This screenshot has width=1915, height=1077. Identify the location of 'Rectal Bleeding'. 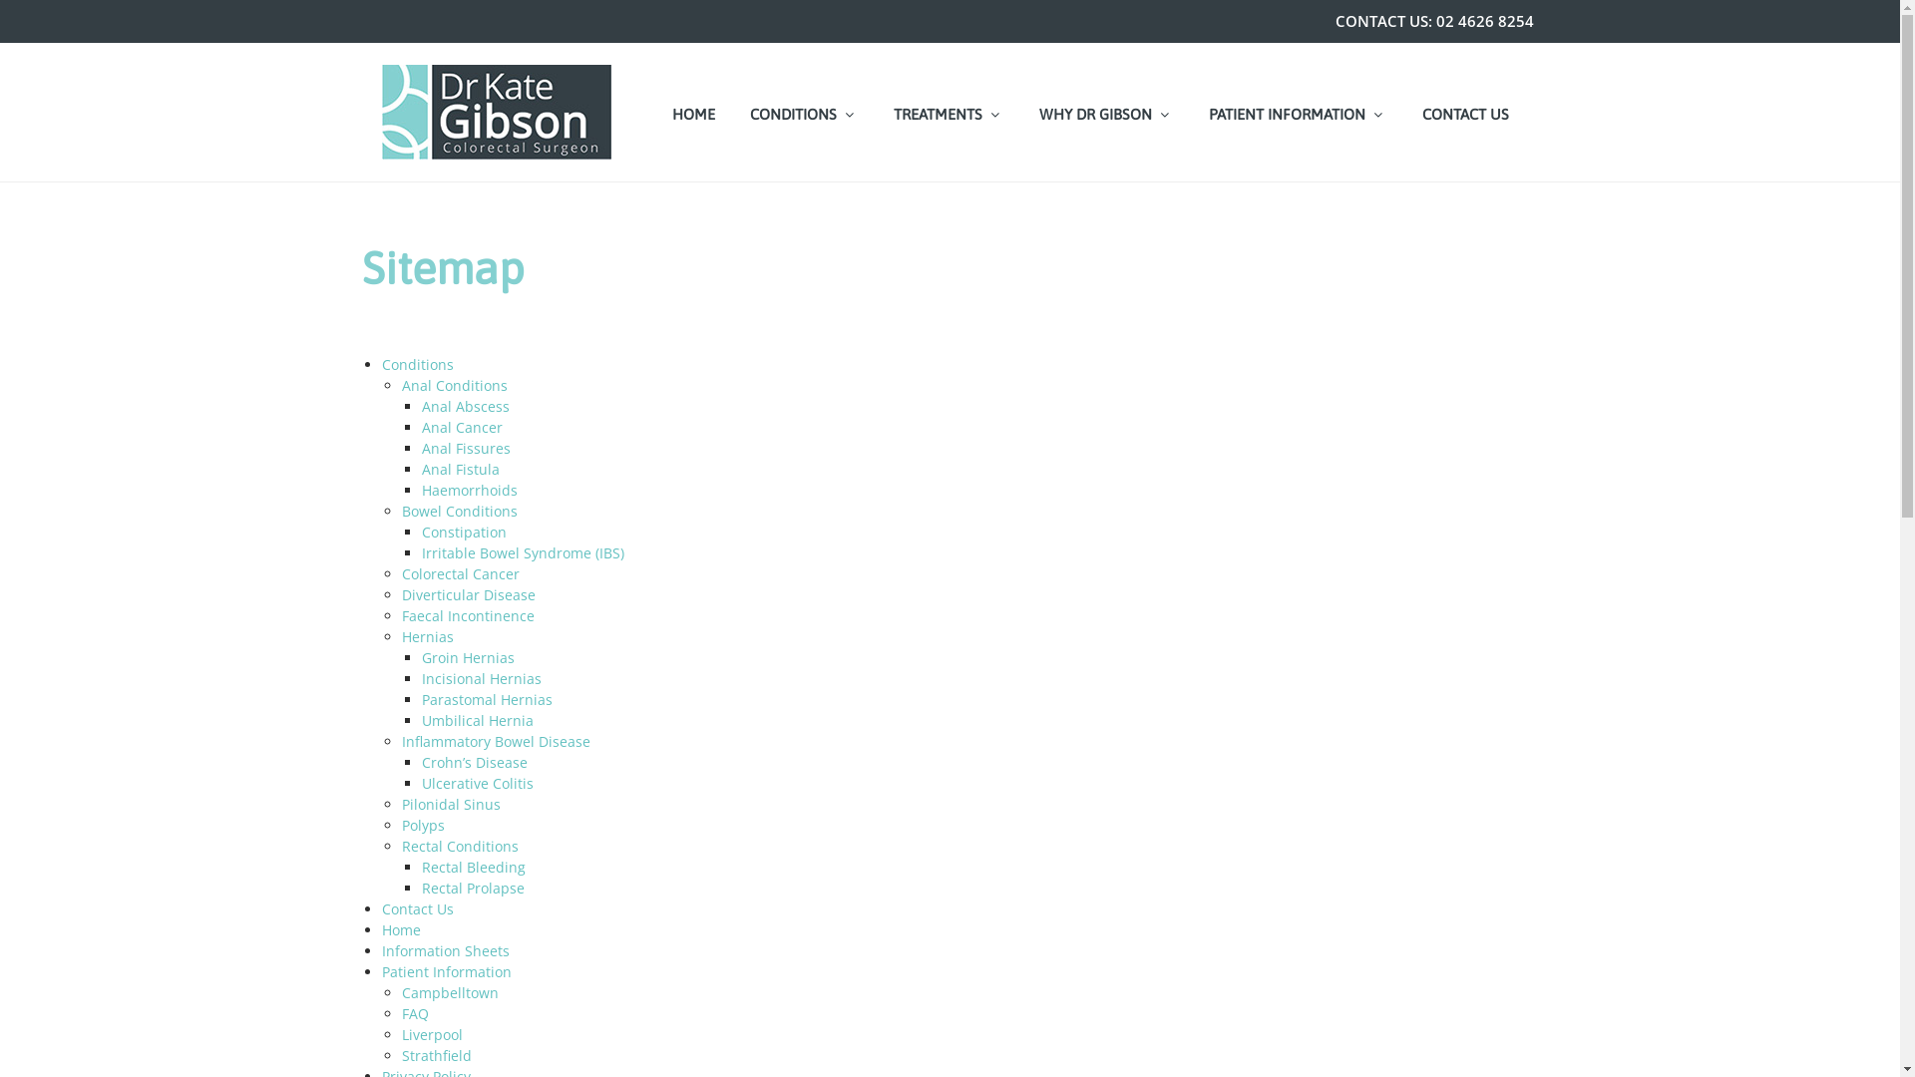
(472, 866).